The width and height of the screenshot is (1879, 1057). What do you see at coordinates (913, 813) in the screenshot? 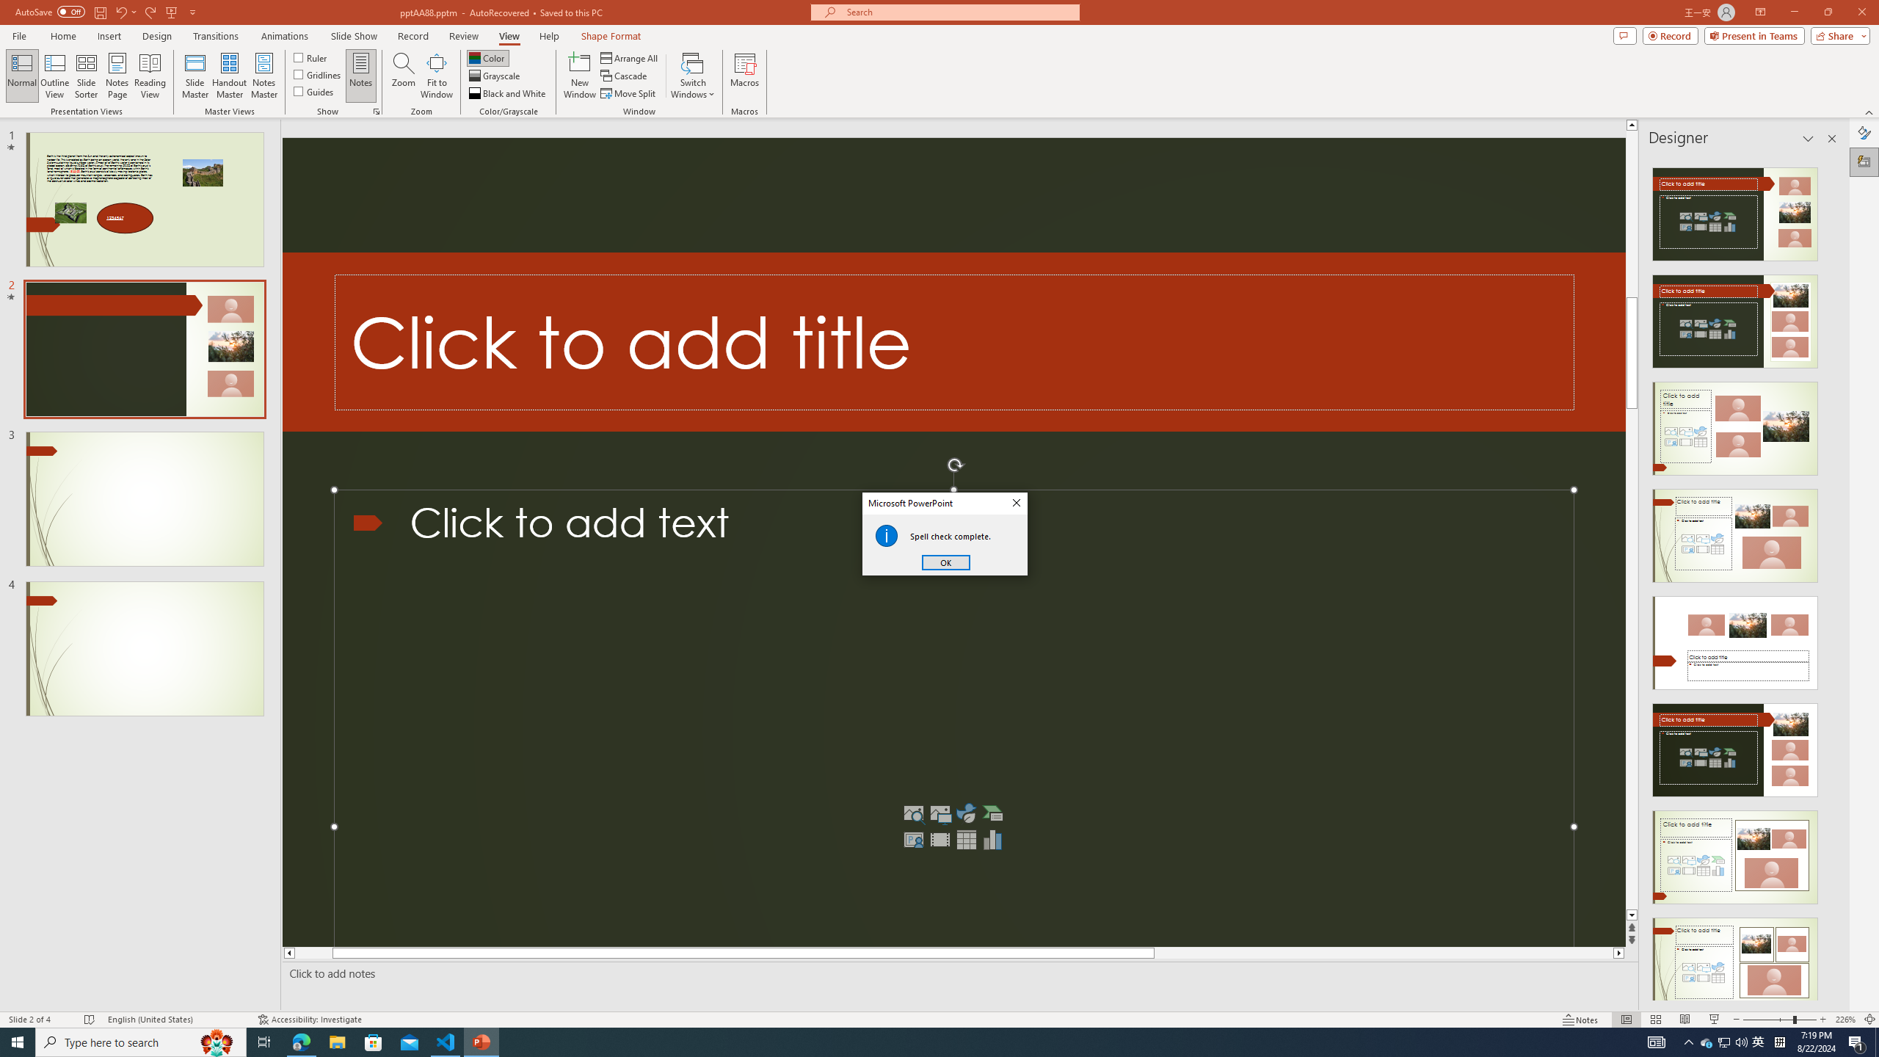
I see `'Stock Images'` at bounding box center [913, 813].